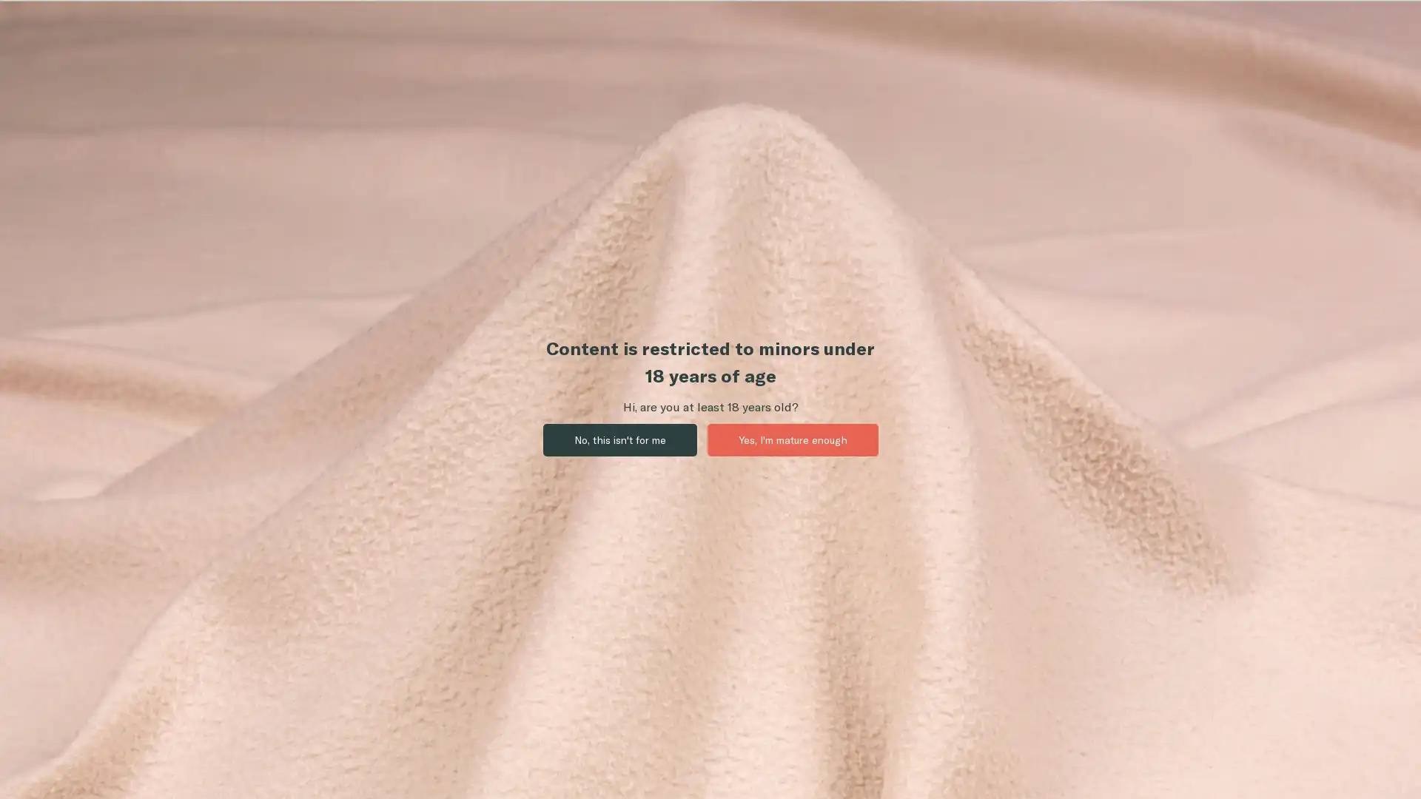 The width and height of the screenshot is (1421, 799). I want to click on Yes, I'm mature enough, so click(791, 439).